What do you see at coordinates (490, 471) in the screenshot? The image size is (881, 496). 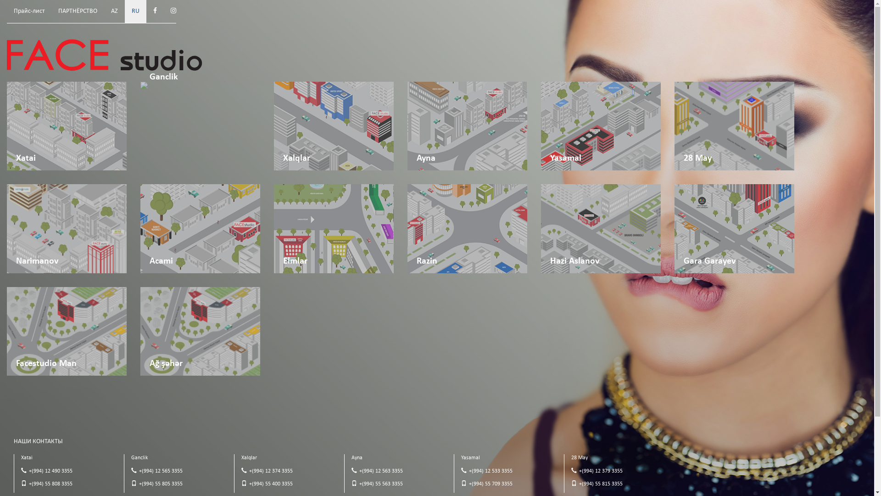 I see `'+(994) 12 533 3355'` at bounding box center [490, 471].